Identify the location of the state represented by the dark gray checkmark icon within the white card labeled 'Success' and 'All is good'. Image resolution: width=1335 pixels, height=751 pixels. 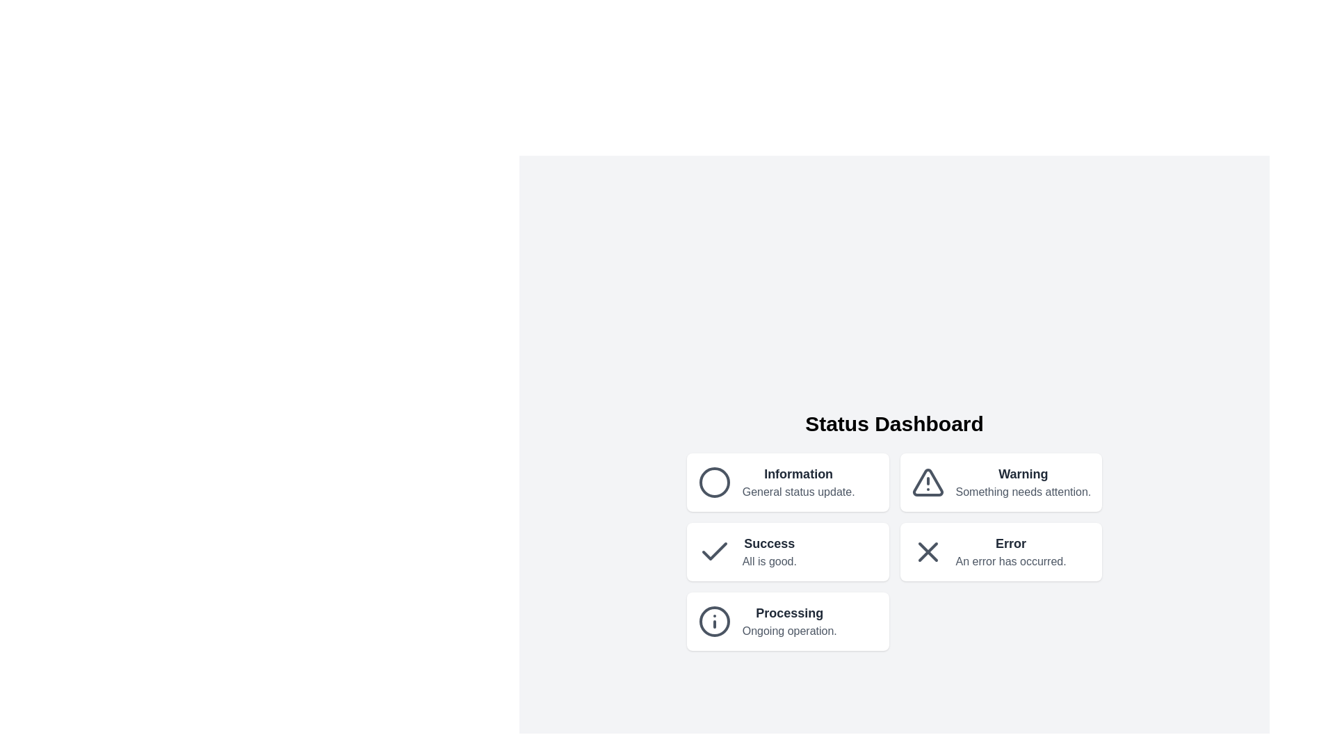
(714, 551).